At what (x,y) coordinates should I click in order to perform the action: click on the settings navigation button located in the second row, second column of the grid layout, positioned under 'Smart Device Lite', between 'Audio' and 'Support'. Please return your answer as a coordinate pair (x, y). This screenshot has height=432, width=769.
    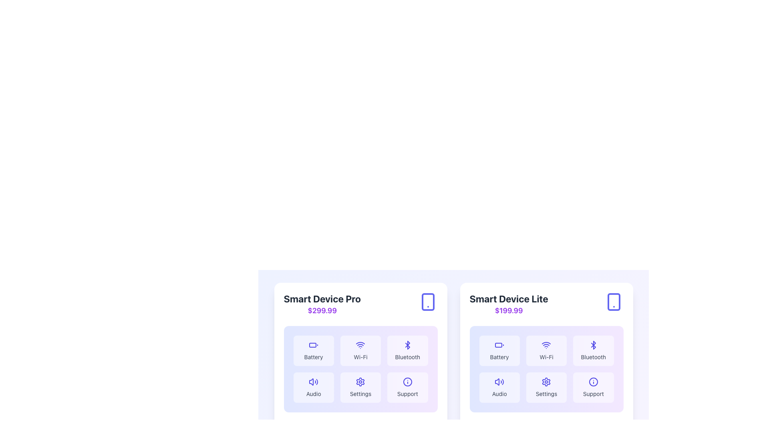
    Looking at the image, I should click on (546, 387).